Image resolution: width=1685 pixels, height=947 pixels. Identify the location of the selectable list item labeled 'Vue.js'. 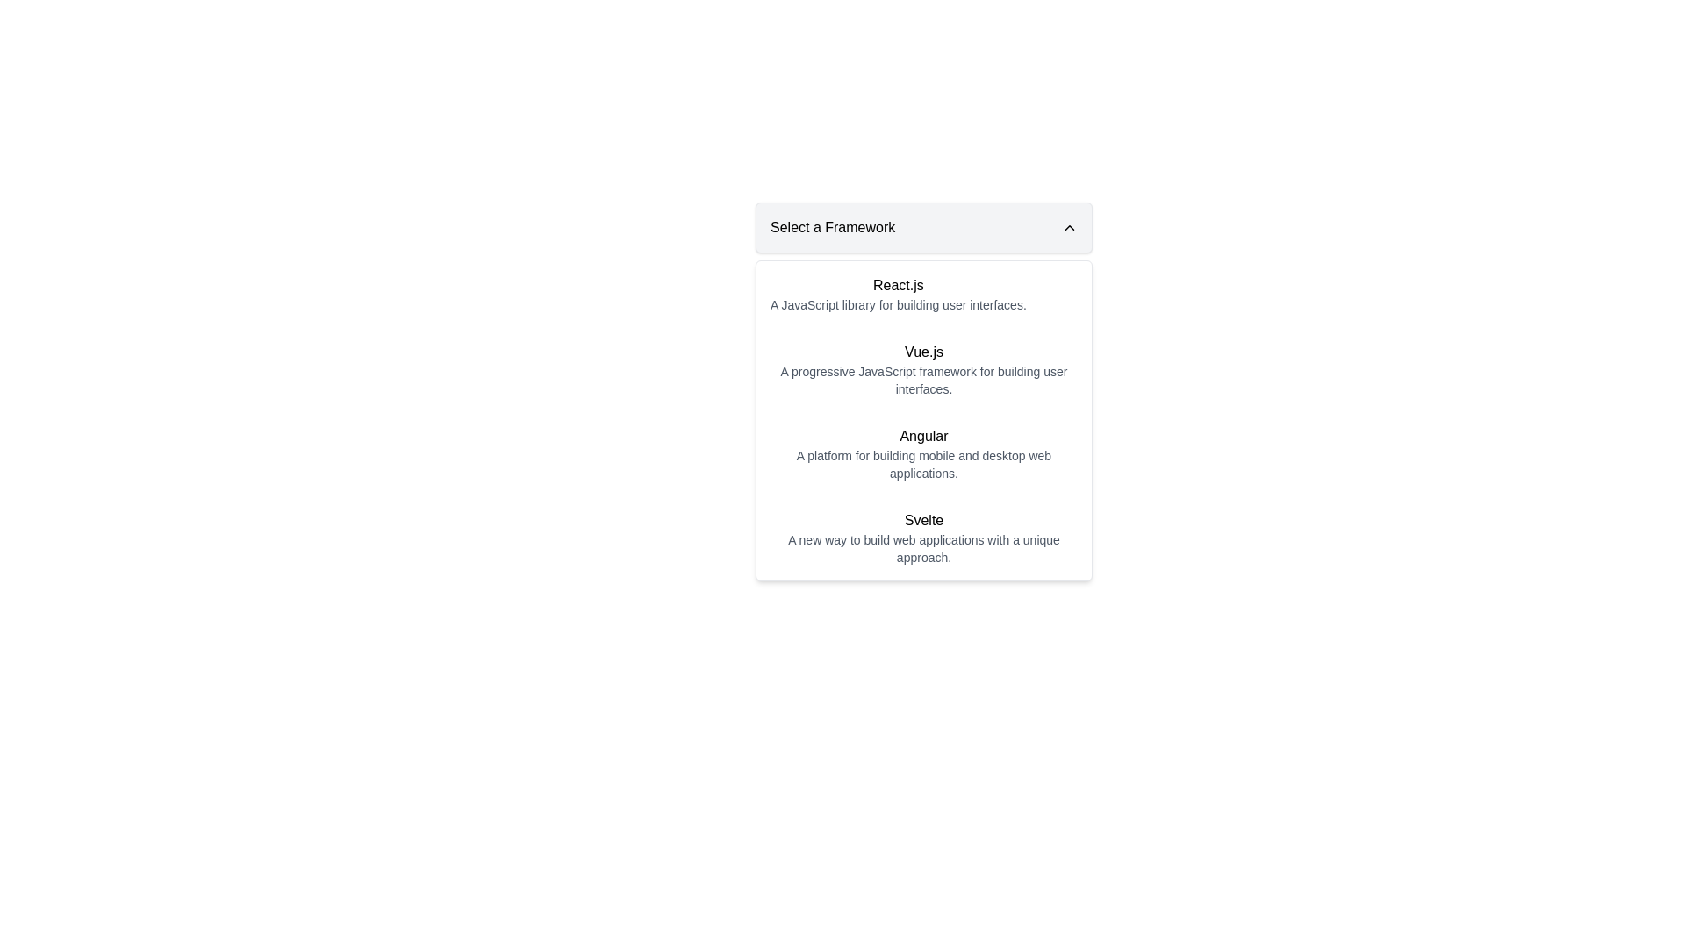
(922, 368).